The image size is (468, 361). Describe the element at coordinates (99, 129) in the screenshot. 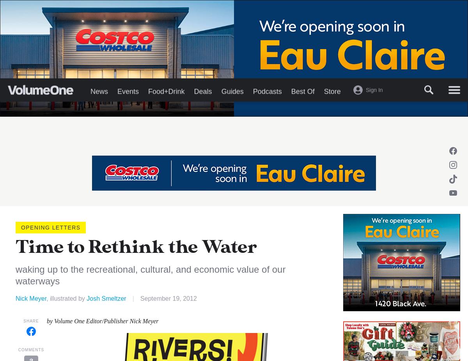

I see `'News'` at that location.